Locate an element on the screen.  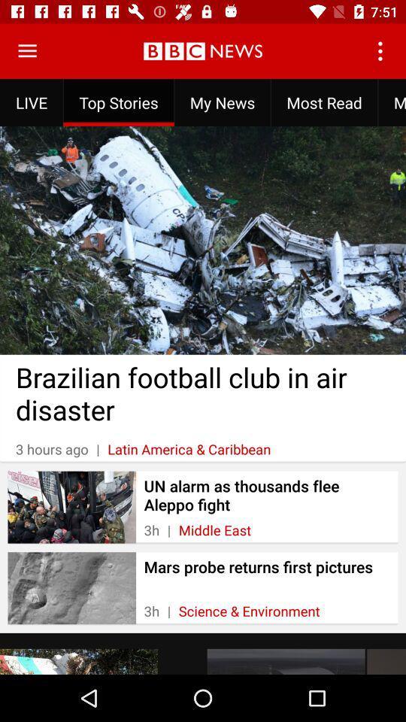
the live item is located at coordinates (32, 102).